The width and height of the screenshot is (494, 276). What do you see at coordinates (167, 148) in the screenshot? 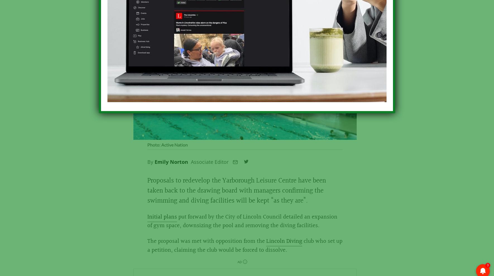
I see `'Photo: Active Nation'` at bounding box center [167, 148].